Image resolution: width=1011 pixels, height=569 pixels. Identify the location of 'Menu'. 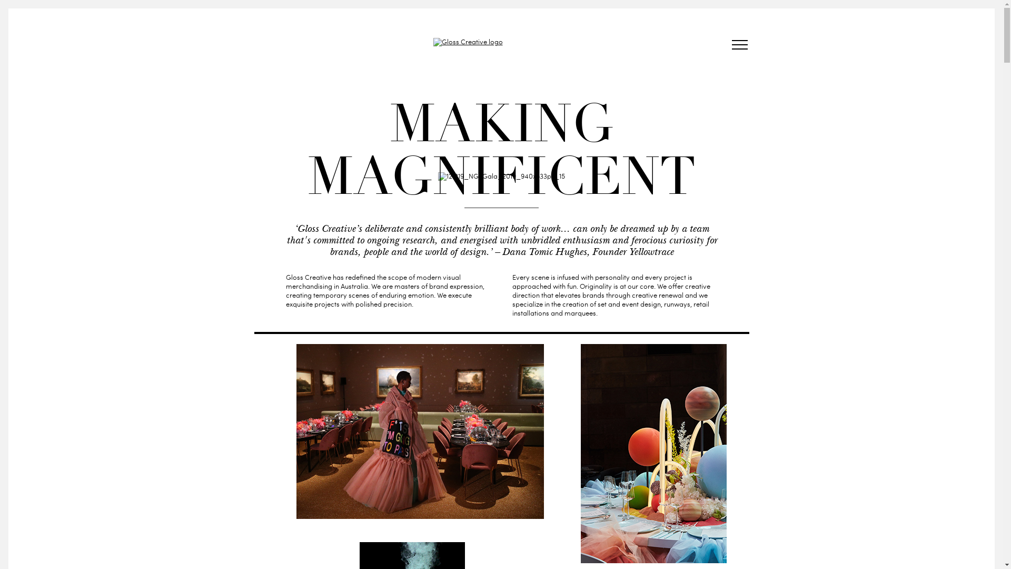
(738, 46).